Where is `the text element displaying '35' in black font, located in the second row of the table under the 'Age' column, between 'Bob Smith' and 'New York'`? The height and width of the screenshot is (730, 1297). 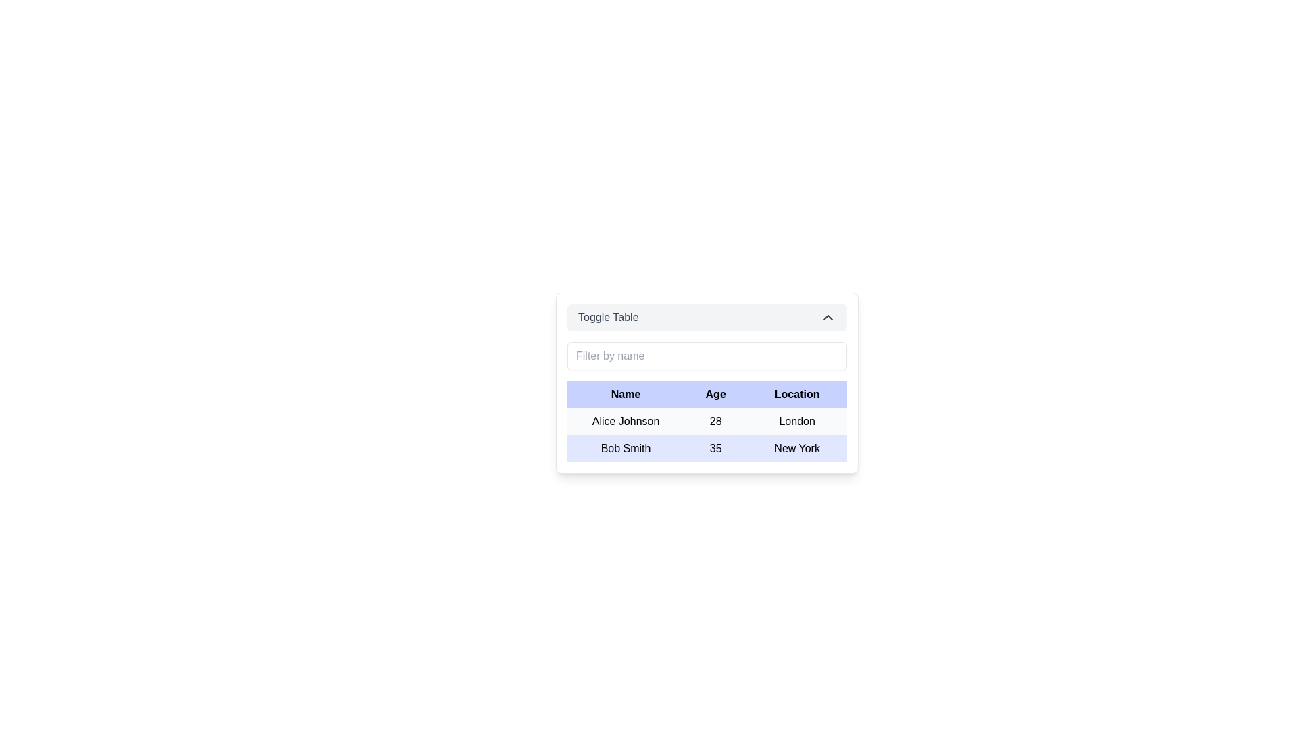 the text element displaying '35' in black font, located in the second row of the table under the 'Age' column, between 'Bob Smith' and 'New York' is located at coordinates (715, 448).